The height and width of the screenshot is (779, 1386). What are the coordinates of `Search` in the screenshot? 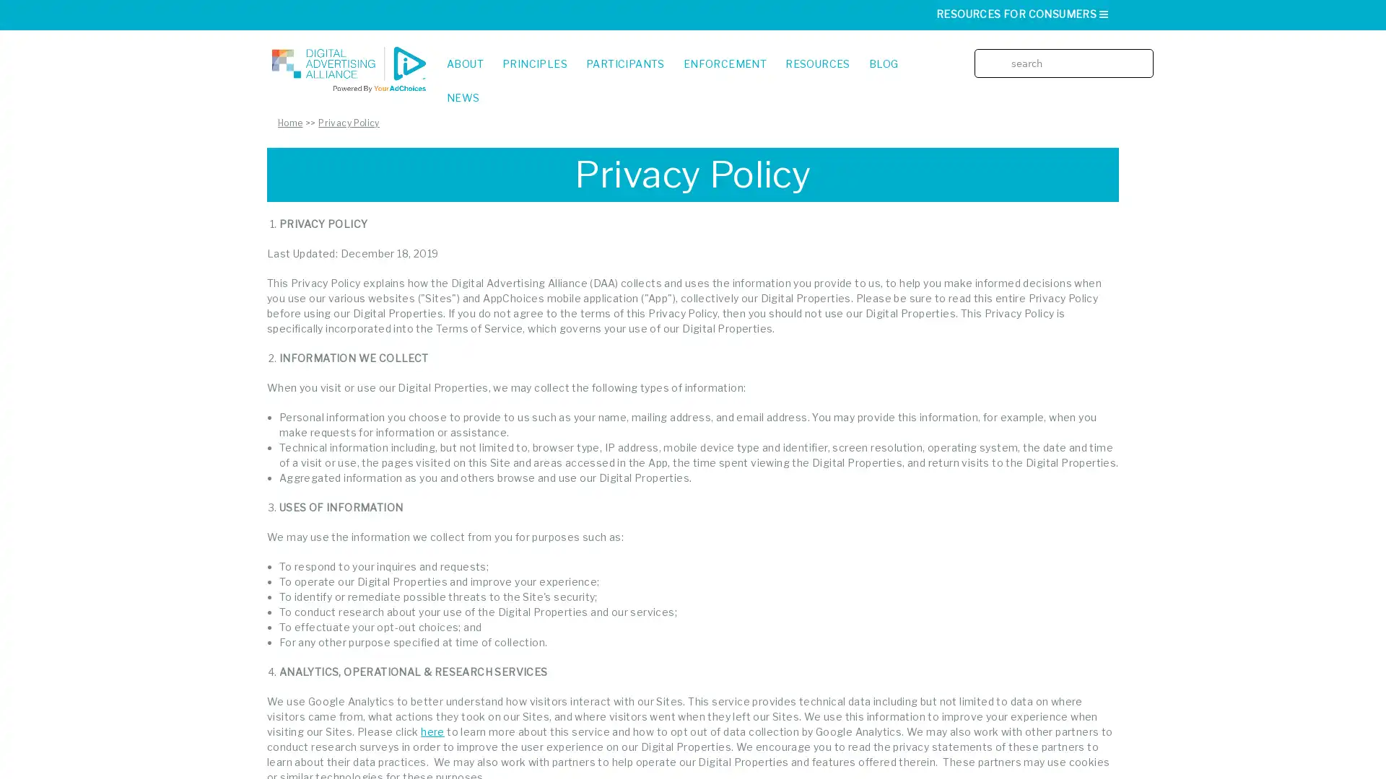 It's located at (1146, 52).